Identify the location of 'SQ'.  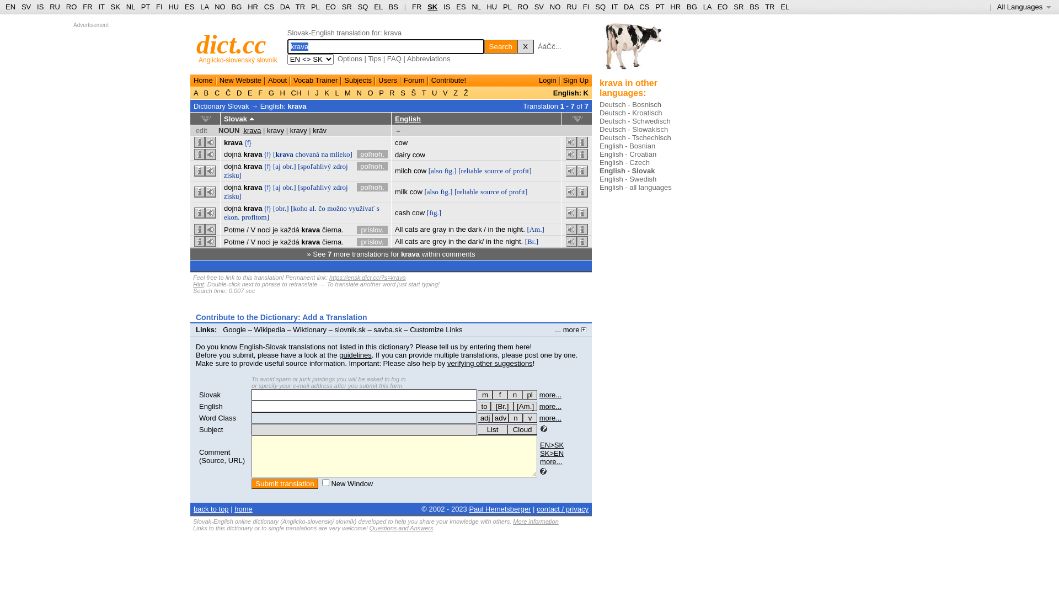
(363, 7).